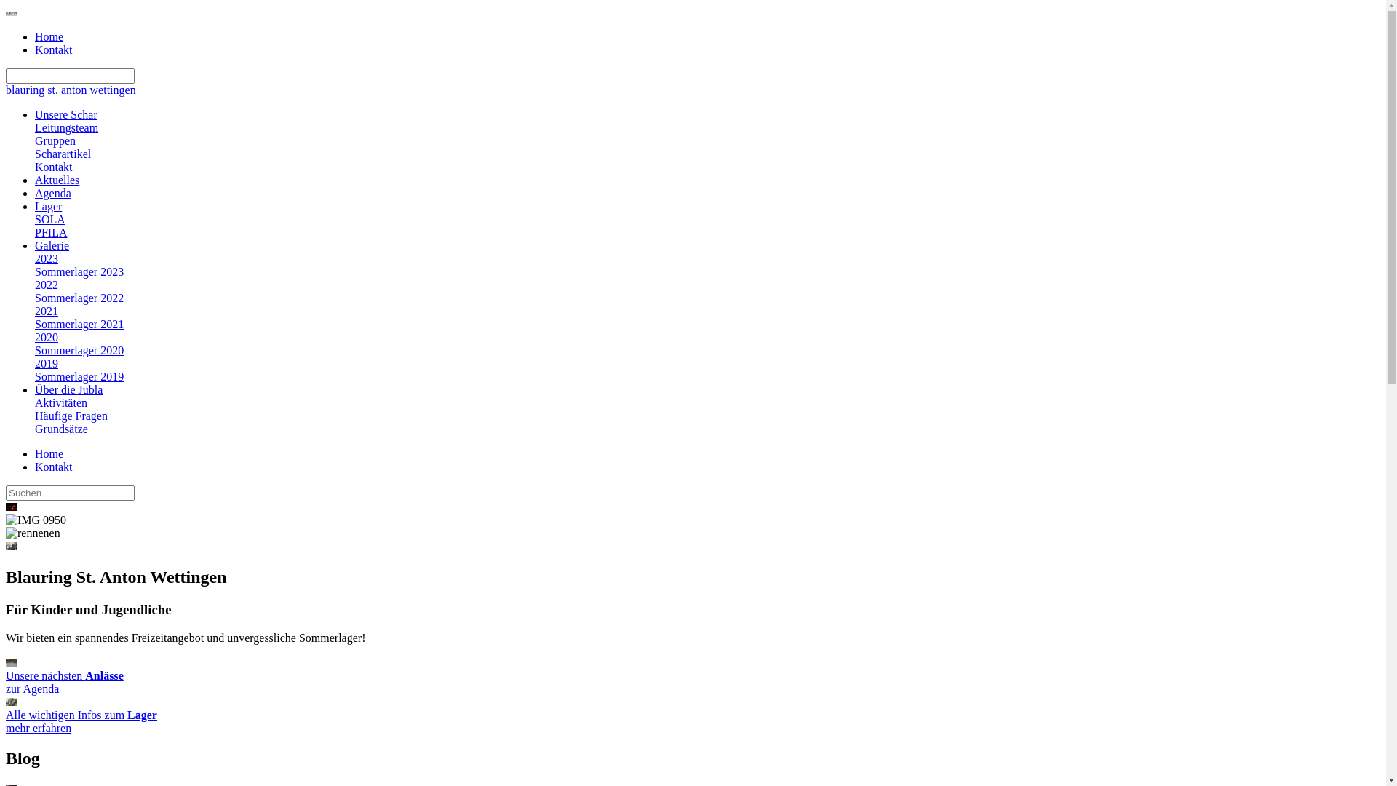  Describe the element at coordinates (35, 285) in the screenshot. I see `'2022'` at that location.